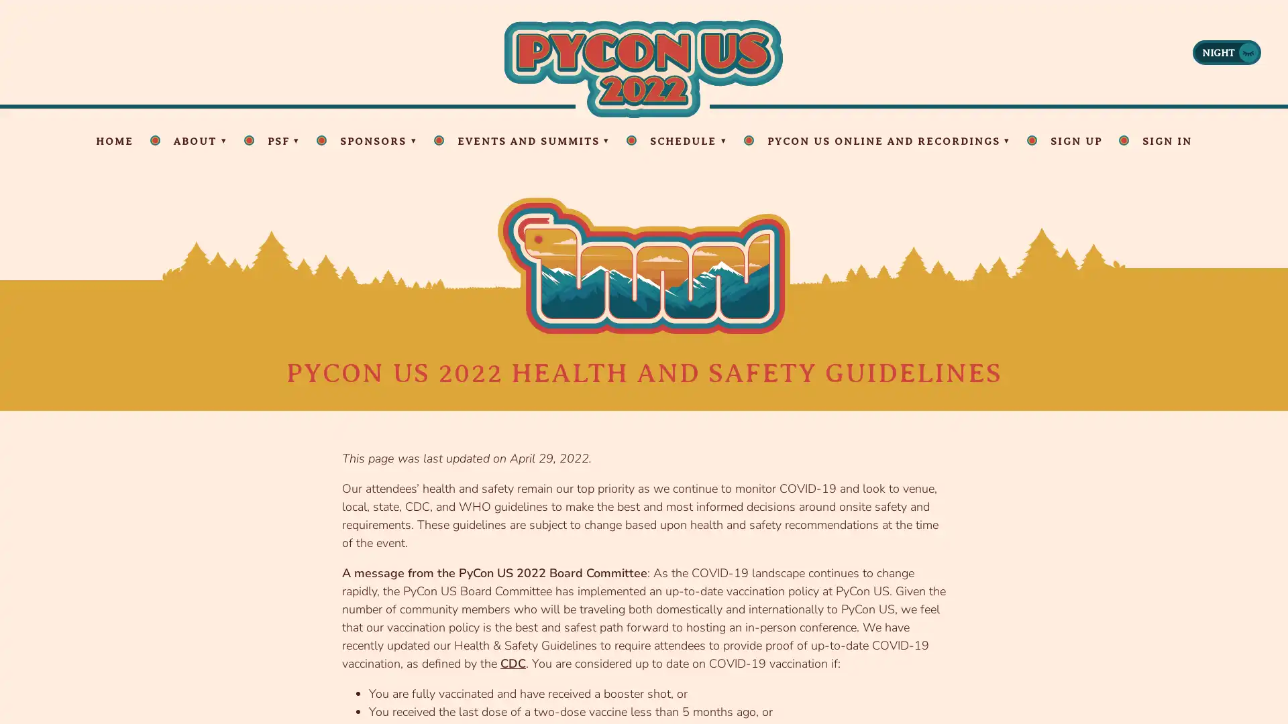  What do you see at coordinates (1226, 51) in the screenshot?
I see `NIGHT` at bounding box center [1226, 51].